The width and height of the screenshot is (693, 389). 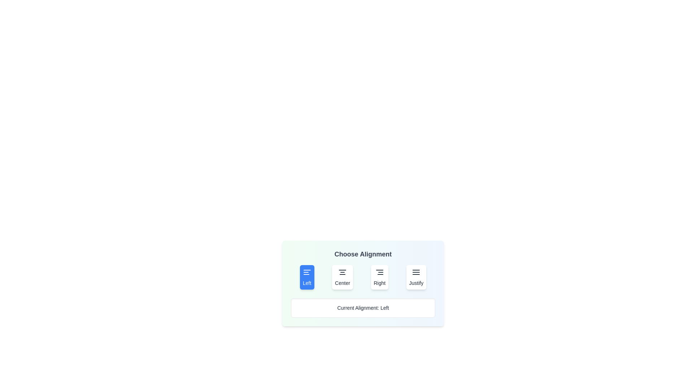 What do you see at coordinates (379, 277) in the screenshot?
I see `the 'Right' button to select the 'Right' alignment` at bounding box center [379, 277].